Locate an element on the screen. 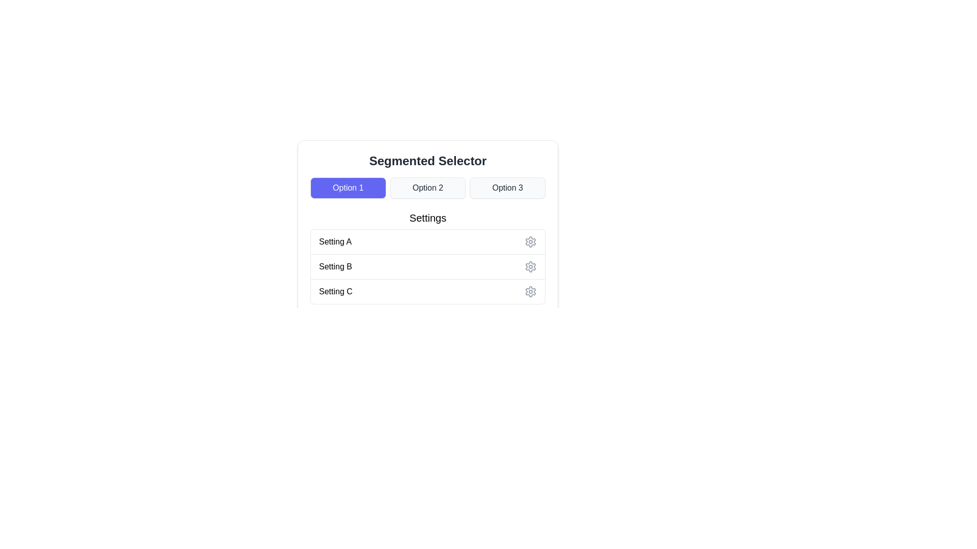 Image resolution: width=977 pixels, height=549 pixels. the settings icon located at the right end of the 'Setting A' row is located at coordinates (530, 241).